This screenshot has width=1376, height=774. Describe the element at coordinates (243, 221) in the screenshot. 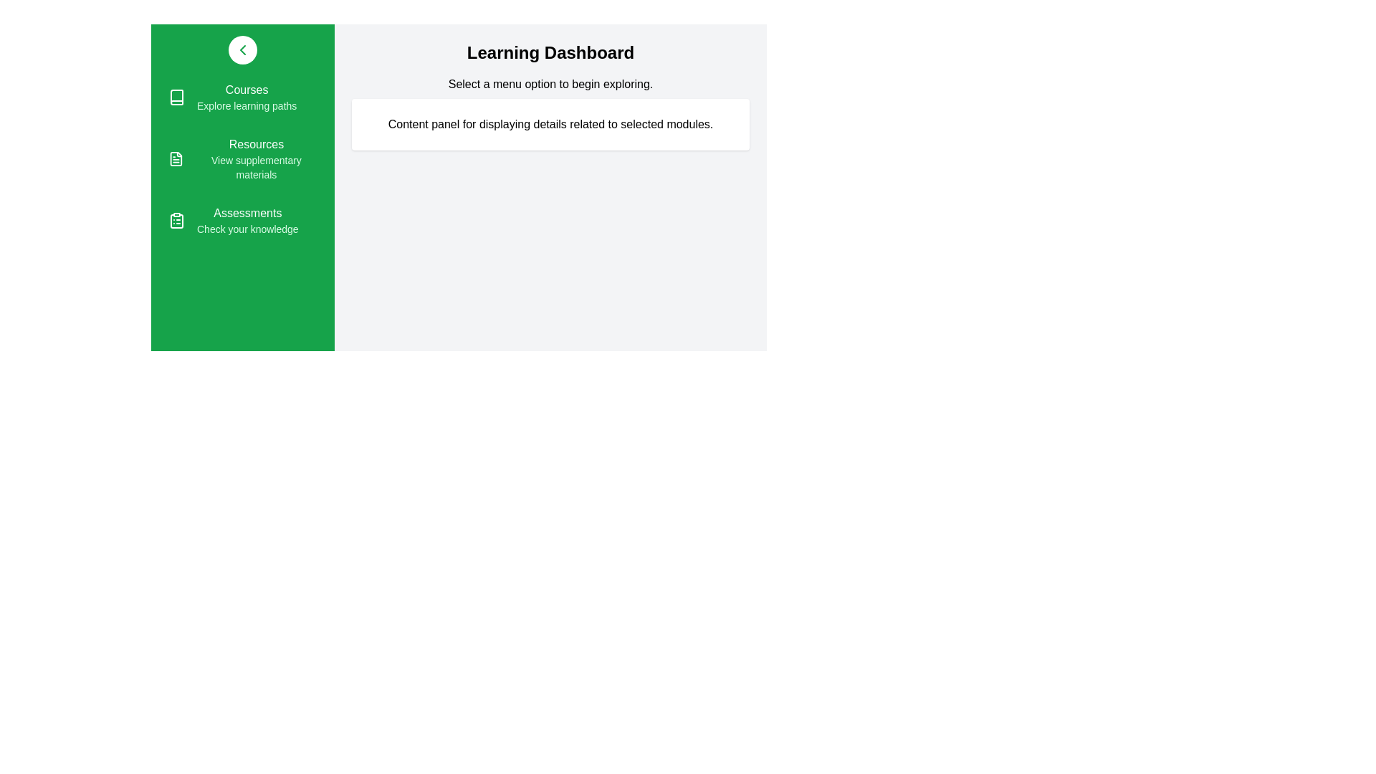

I see `the menu item Assessments to observe its hover effect` at that location.